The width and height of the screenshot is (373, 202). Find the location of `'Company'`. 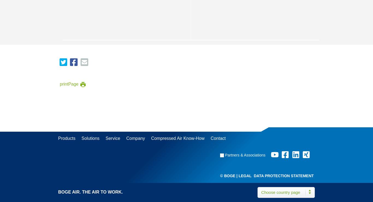

'Company' is located at coordinates (135, 138).